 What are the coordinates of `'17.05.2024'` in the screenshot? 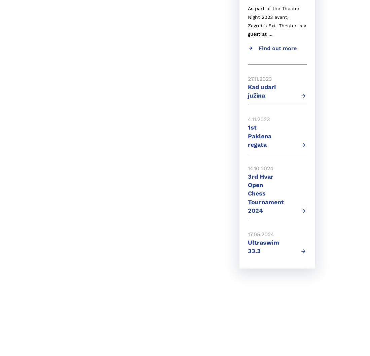 It's located at (261, 234).